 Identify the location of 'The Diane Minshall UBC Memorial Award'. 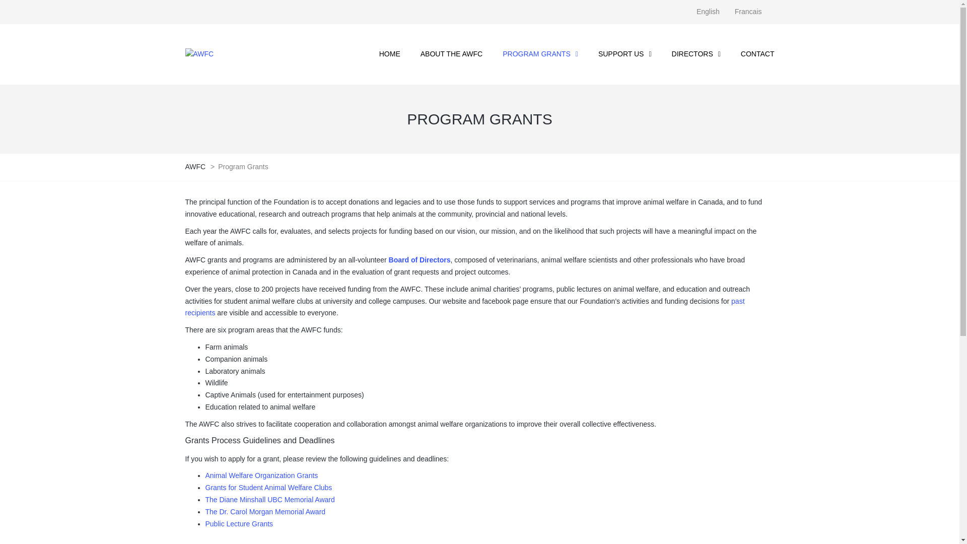
(270, 499).